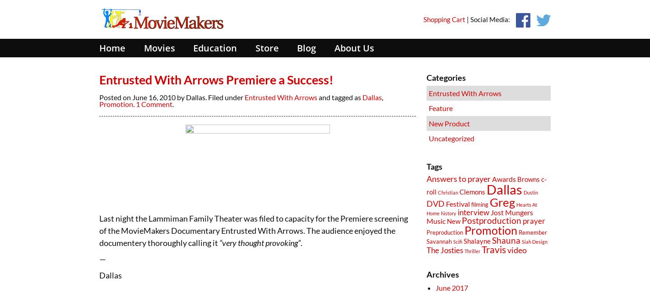 The height and width of the screenshot is (292, 650). Describe the element at coordinates (435, 220) in the screenshot. I see `'Music'` at that location.